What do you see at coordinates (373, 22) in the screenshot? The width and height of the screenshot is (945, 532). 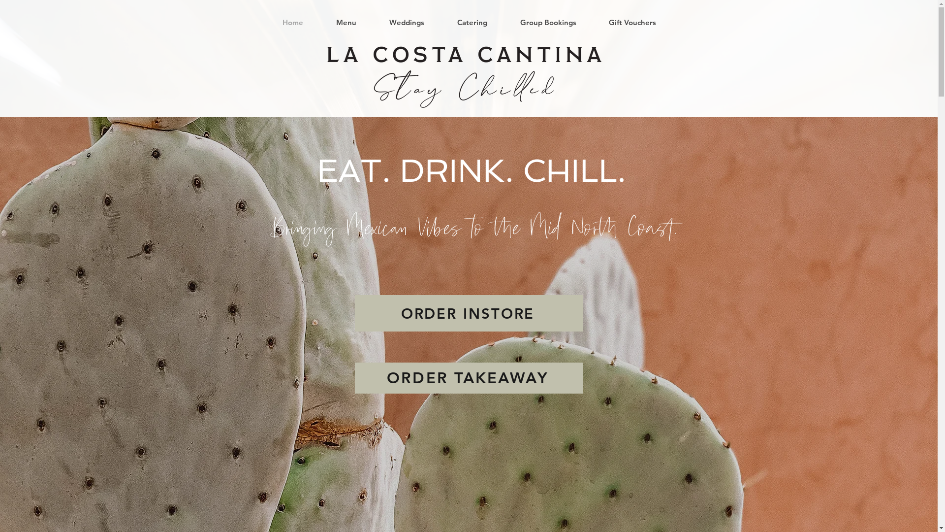 I see `'Weddings'` at bounding box center [373, 22].